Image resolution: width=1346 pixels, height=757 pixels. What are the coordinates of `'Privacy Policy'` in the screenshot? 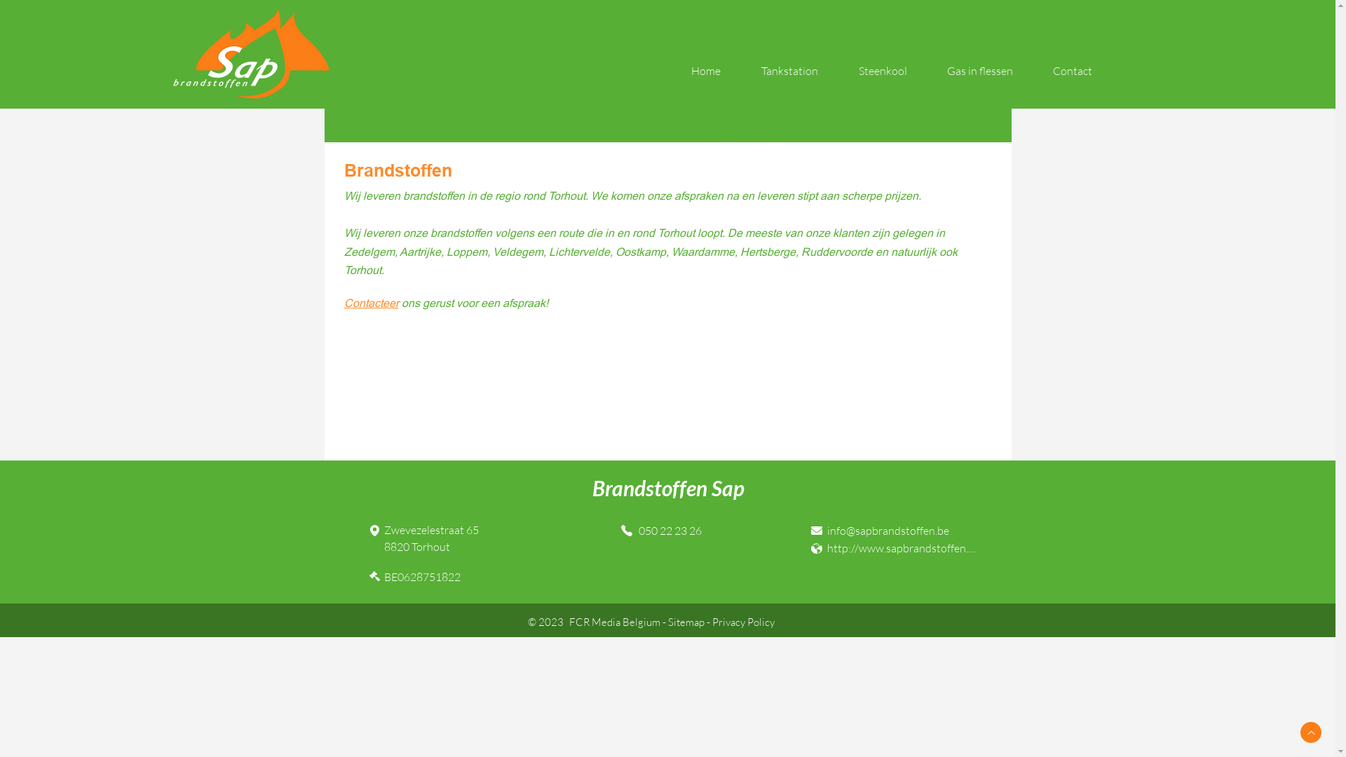 It's located at (712, 621).